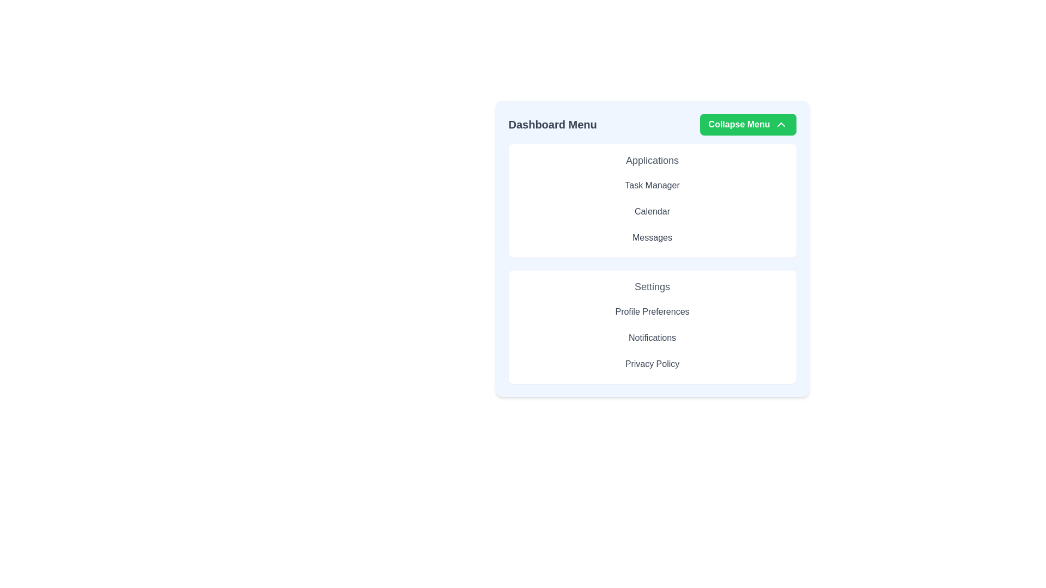 The width and height of the screenshot is (1046, 588). Describe the element at coordinates (780, 124) in the screenshot. I see `the upward chevron-shaped icon on the 'Collapse Menu' button` at that location.